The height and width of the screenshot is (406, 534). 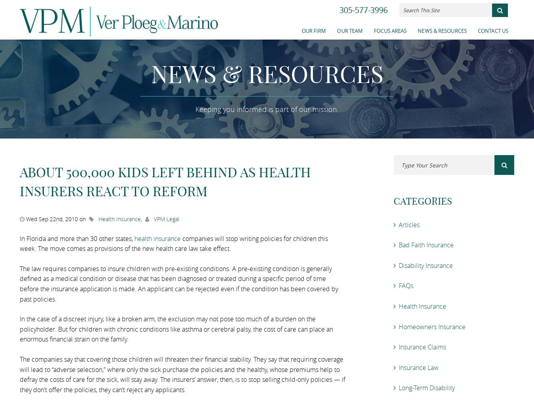 What do you see at coordinates (165, 182) in the screenshot?
I see `'About 500,000 Kids Left Behind as Health Insurers React to Reform'` at bounding box center [165, 182].